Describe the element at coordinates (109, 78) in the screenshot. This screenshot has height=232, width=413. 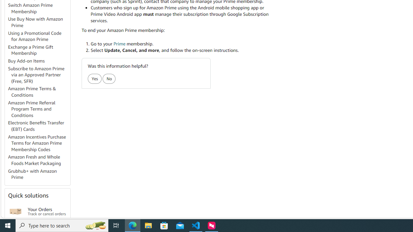
I see `'No'` at that location.